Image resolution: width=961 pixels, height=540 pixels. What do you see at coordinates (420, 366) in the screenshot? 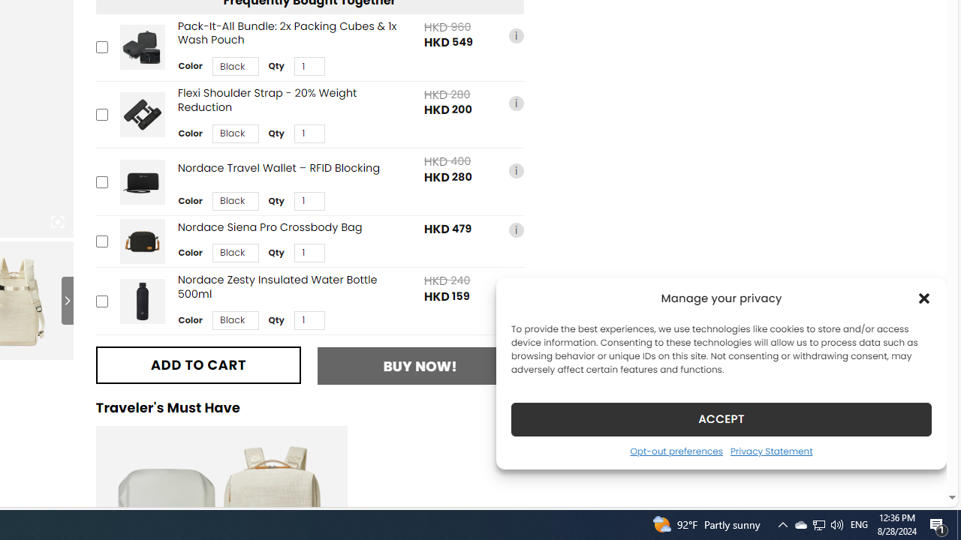
I see `'BUY NOW!'` at bounding box center [420, 366].